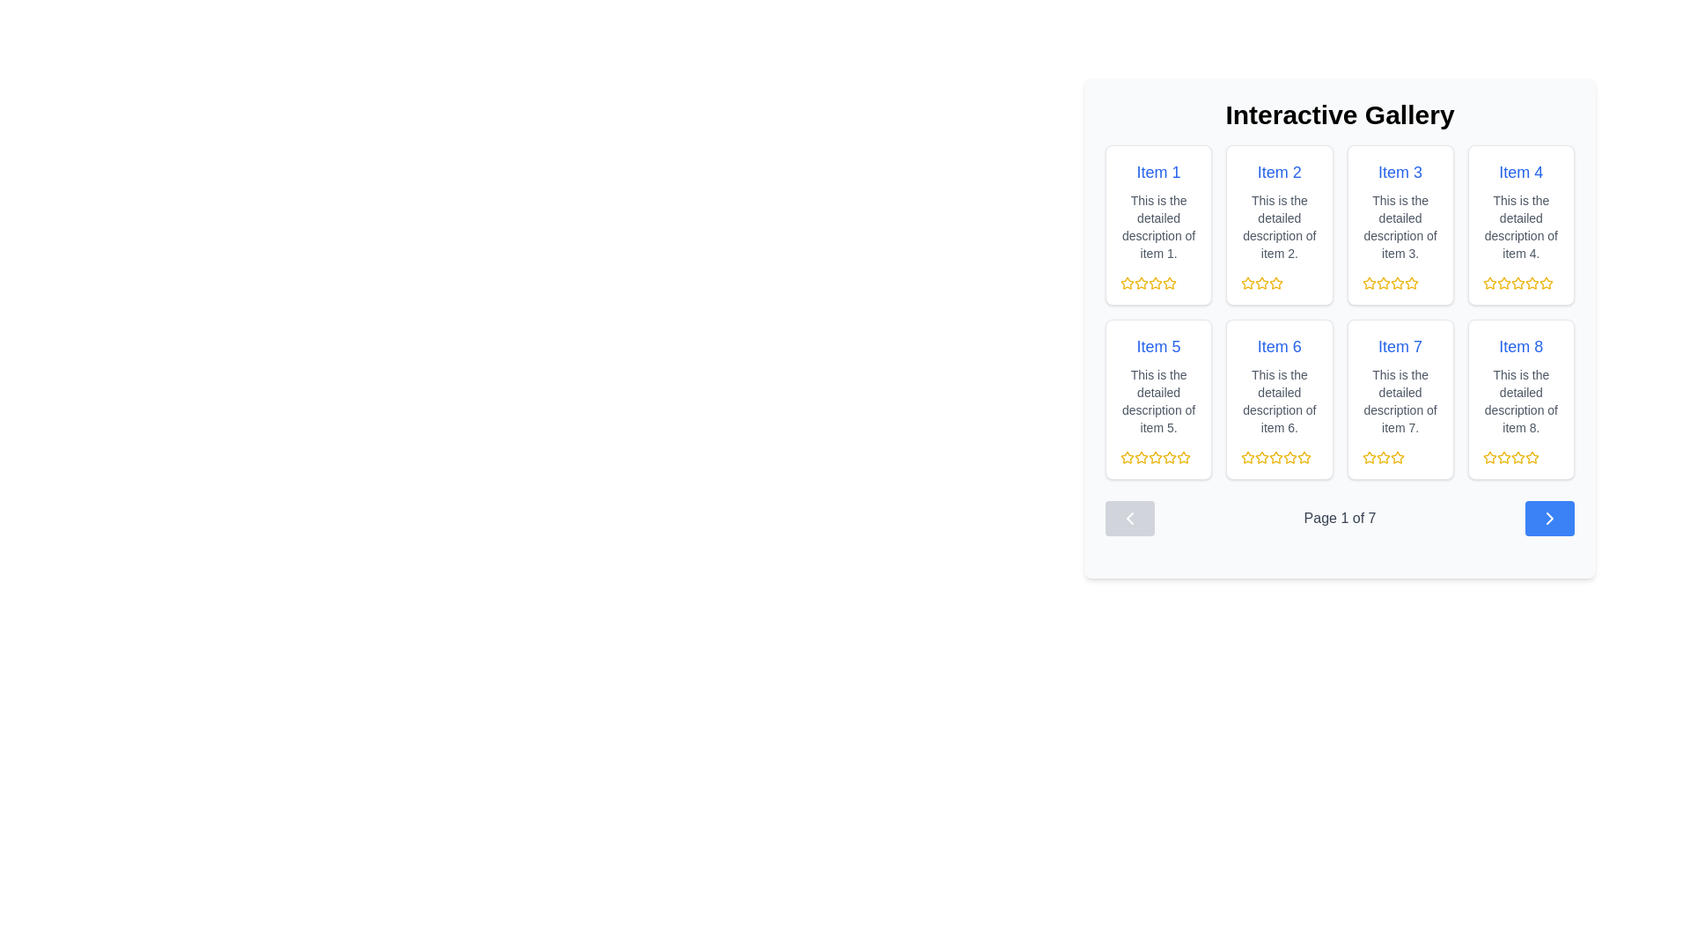 This screenshot has height=951, width=1690. I want to click on the Card component displaying details about 'Item 5' located at the bottom-left position of a 2x4 grid layout, so click(1158, 400).